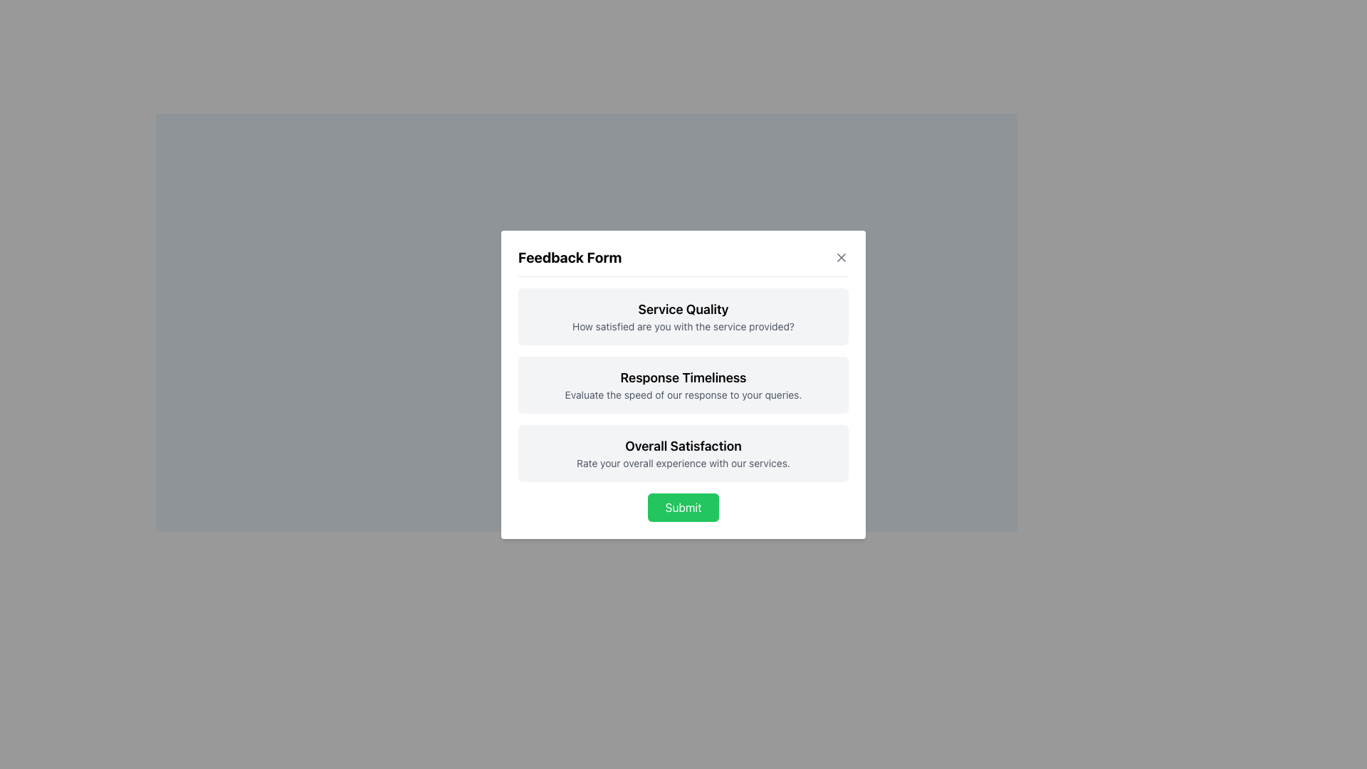 This screenshot has height=769, width=1367. What do you see at coordinates (683, 394) in the screenshot?
I see `the text label that reads 'Evaluate the speed of our response to your queries.' located below the heading 'Response Timeliness' in the feedback form interface` at bounding box center [683, 394].